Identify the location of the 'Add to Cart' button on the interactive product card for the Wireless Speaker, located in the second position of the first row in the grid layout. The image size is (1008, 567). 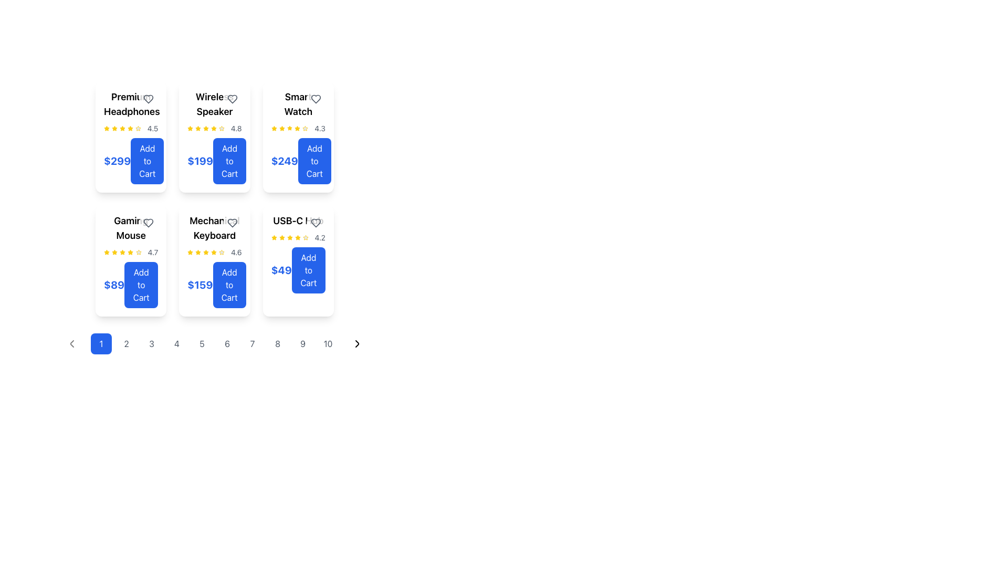
(214, 136).